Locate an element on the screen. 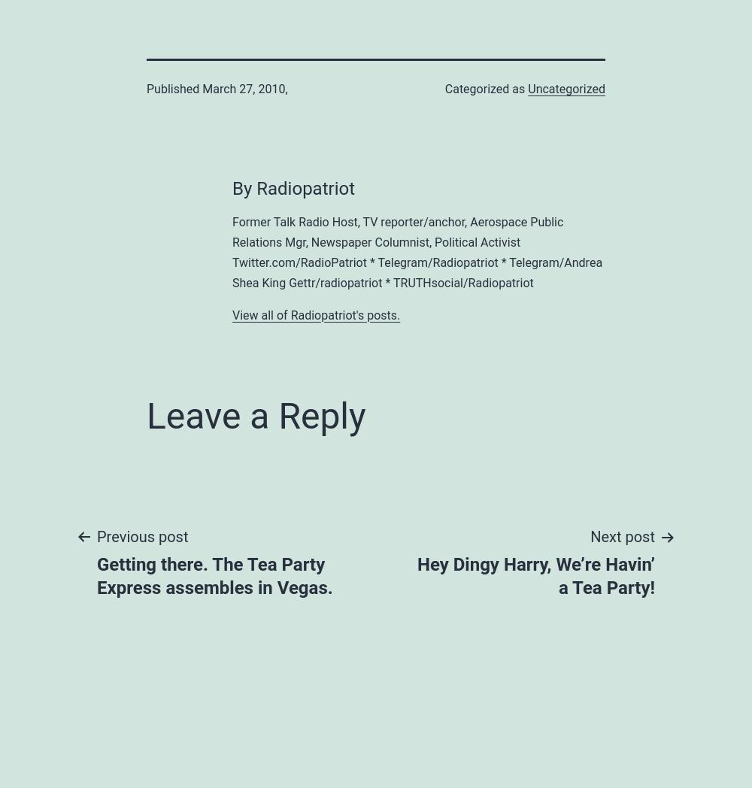 The width and height of the screenshot is (752, 788). 'View all of Radiopatriot's posts.' is located at coordinates (316, 314).